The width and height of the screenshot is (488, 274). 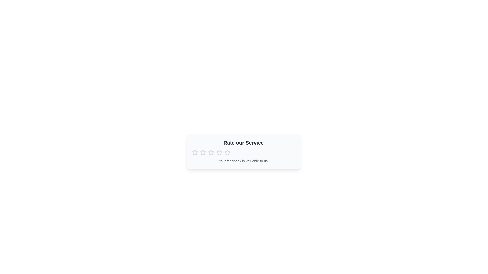 What do you see at coordinates (219, 152) in the screenshot?
I see `the third star icon in the rating indicator` at bounding box center [219, 152].